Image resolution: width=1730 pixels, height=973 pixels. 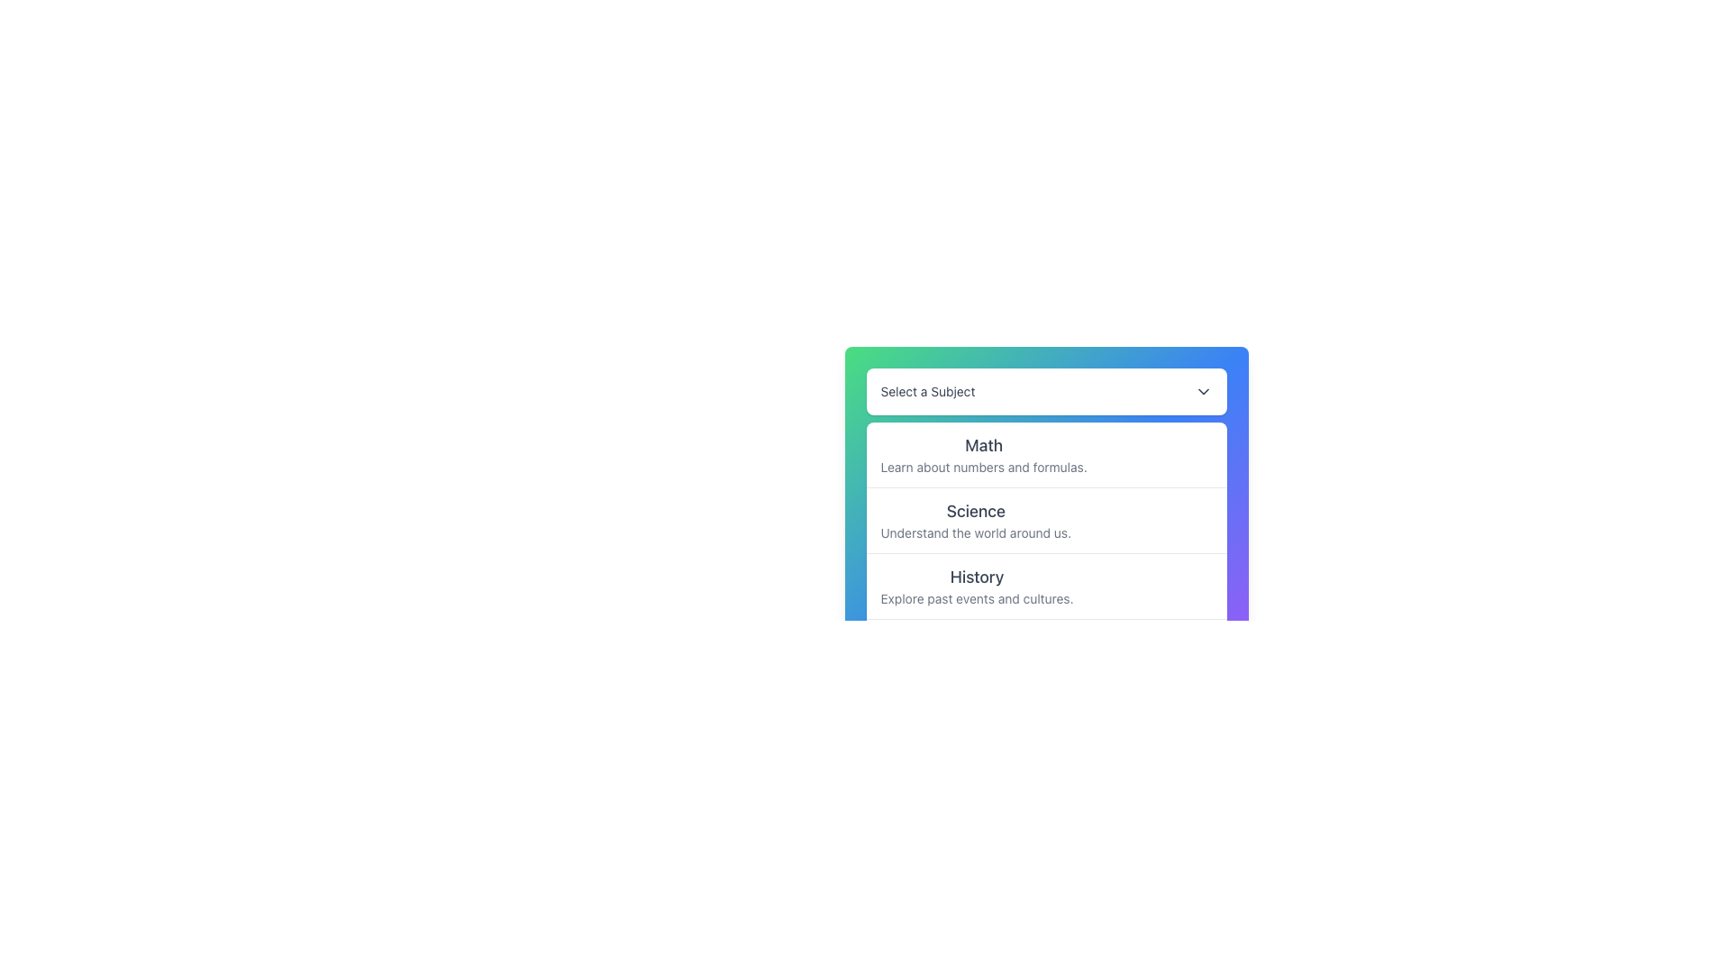 What do you see at coordinates (975, 532) in the screenshot?
I see `text label providing context for the 'Science' section, located below the 'Science' title and above the 'History' entry` at bounding box center [975, 532].